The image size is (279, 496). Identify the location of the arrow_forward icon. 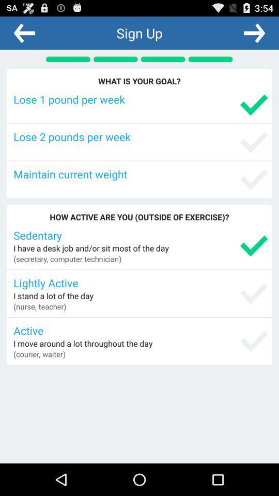
(254, 35).